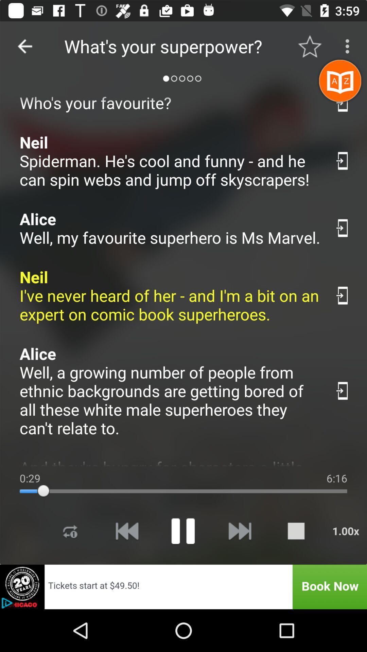  Describe the element at coordinates (182, 530) in the screenshot. I see `pause music` at that location.